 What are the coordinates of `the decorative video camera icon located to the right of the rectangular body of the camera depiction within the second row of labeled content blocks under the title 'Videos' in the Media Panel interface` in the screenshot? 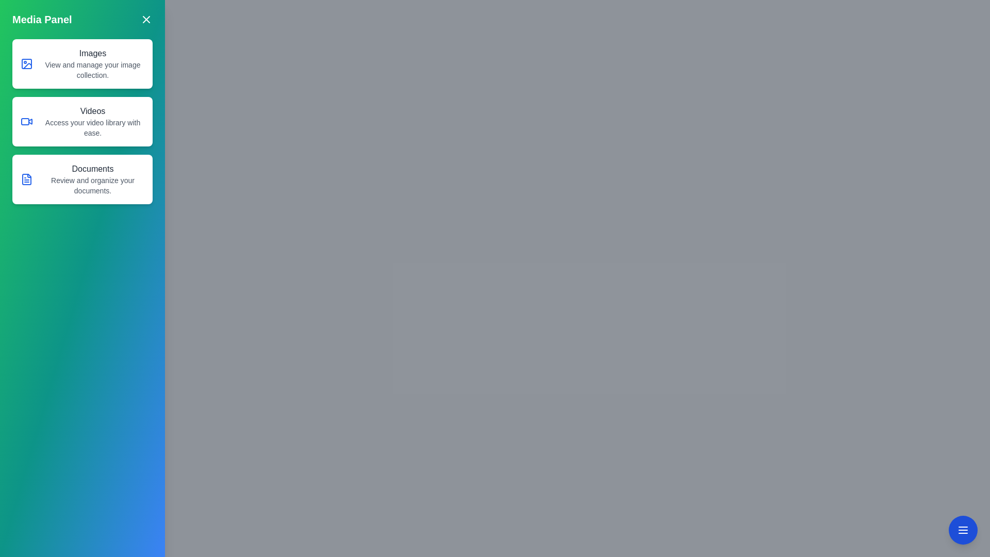 It's located at (30, 121).